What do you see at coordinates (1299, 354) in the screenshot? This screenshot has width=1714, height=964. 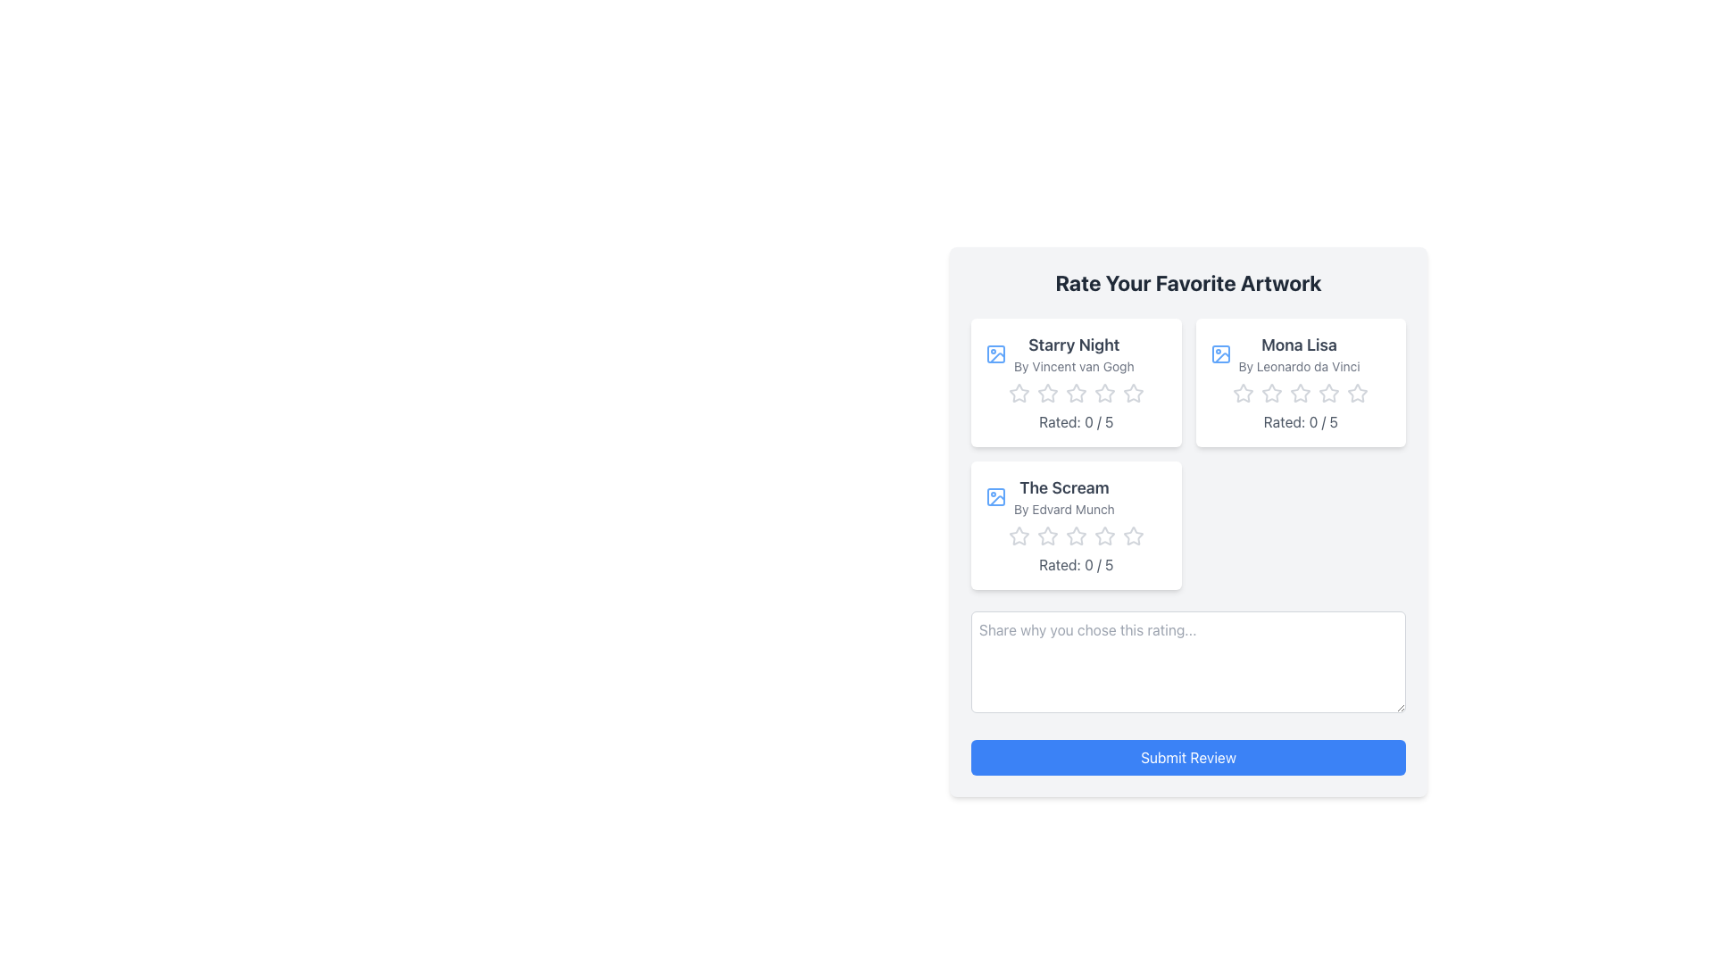 I see `the text display that shows the title and artist's name of the artwork, which is located` at bounding box center [1299, 354].